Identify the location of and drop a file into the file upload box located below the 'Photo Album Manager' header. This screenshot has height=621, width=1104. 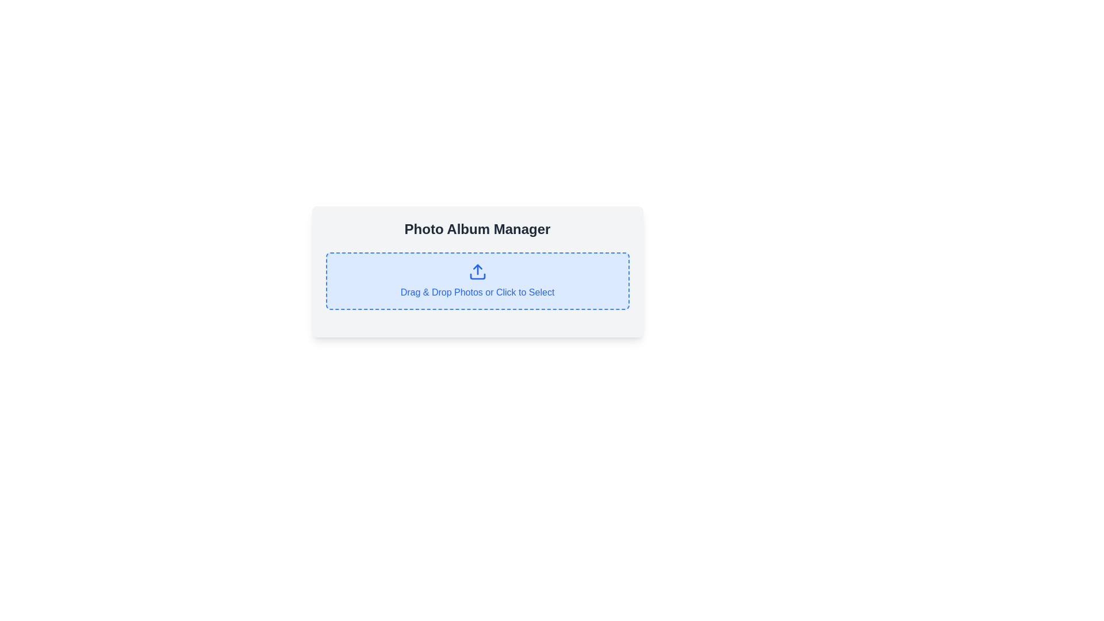
(477, 281).